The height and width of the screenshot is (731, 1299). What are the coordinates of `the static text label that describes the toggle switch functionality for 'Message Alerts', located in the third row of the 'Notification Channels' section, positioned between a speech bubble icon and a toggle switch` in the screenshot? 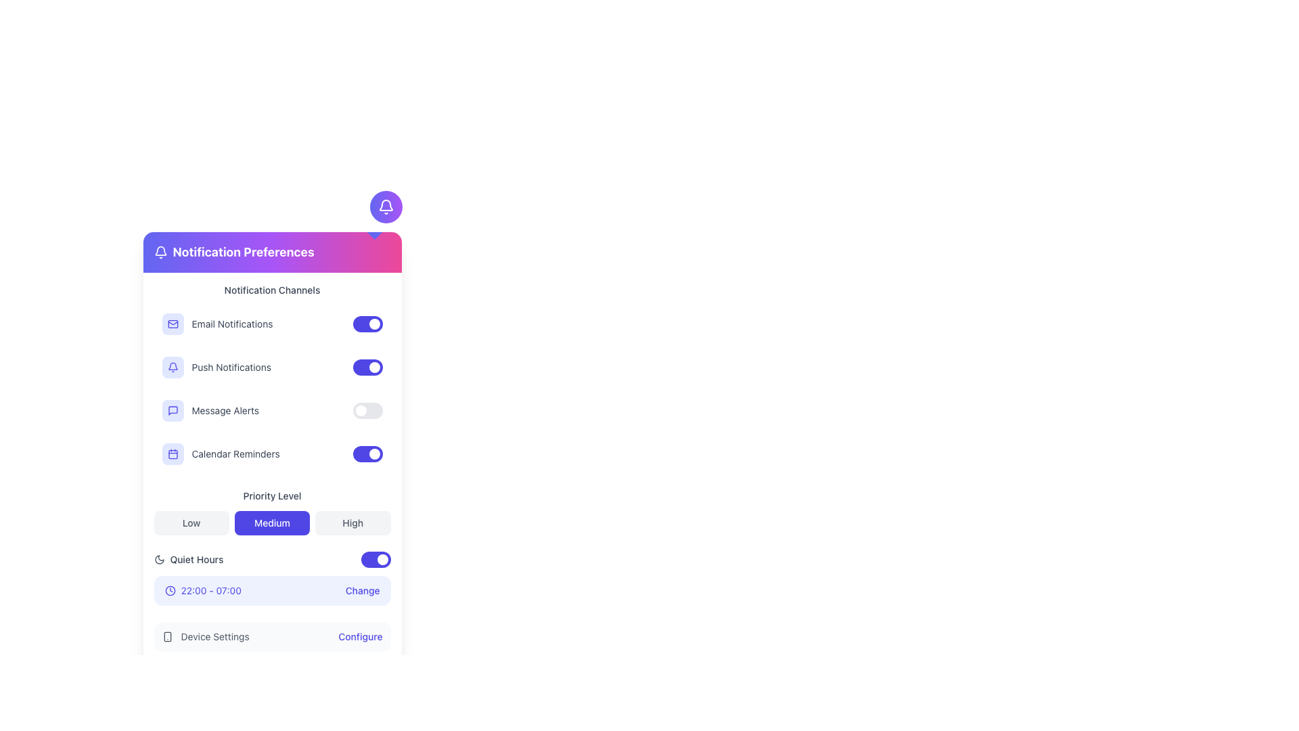 It's located at (225, 409).